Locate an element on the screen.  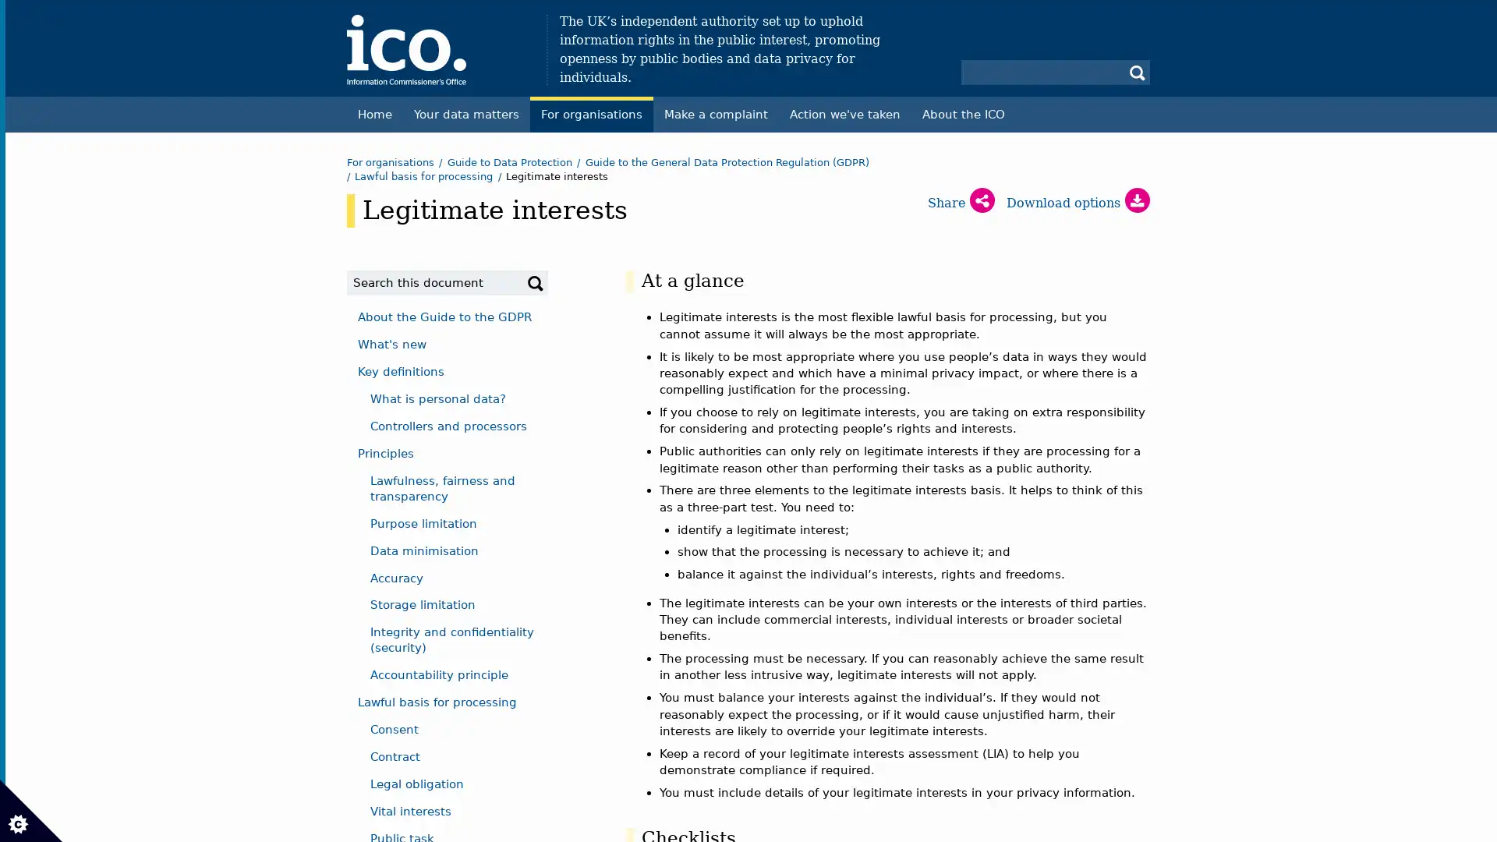
Save and close is located at coordinates (81, 590).